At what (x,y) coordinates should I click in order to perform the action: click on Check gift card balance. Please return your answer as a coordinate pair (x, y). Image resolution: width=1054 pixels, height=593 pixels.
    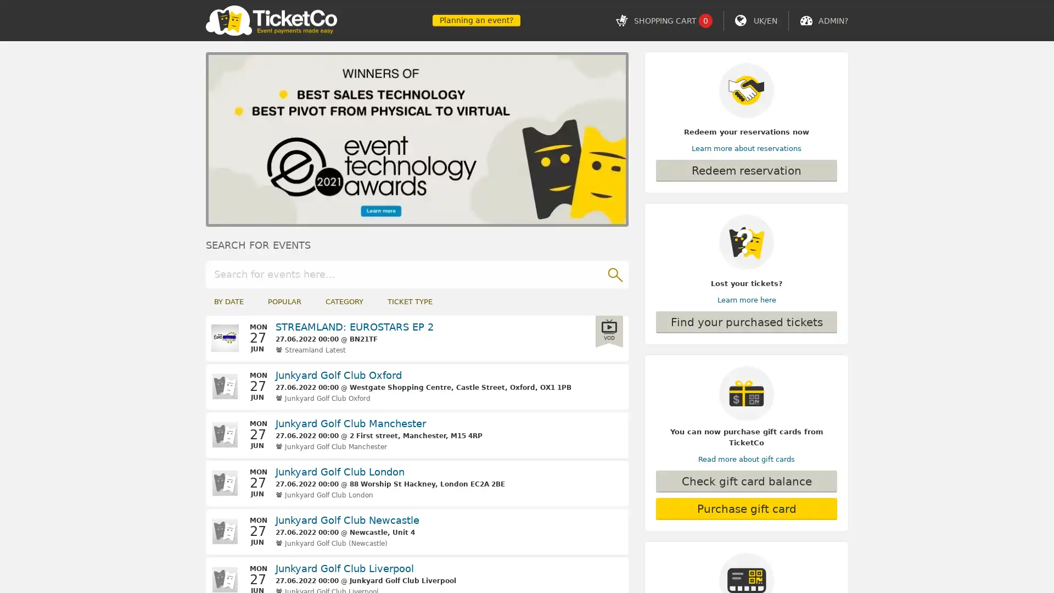
    Looking at the image, I should click on (746, 480).